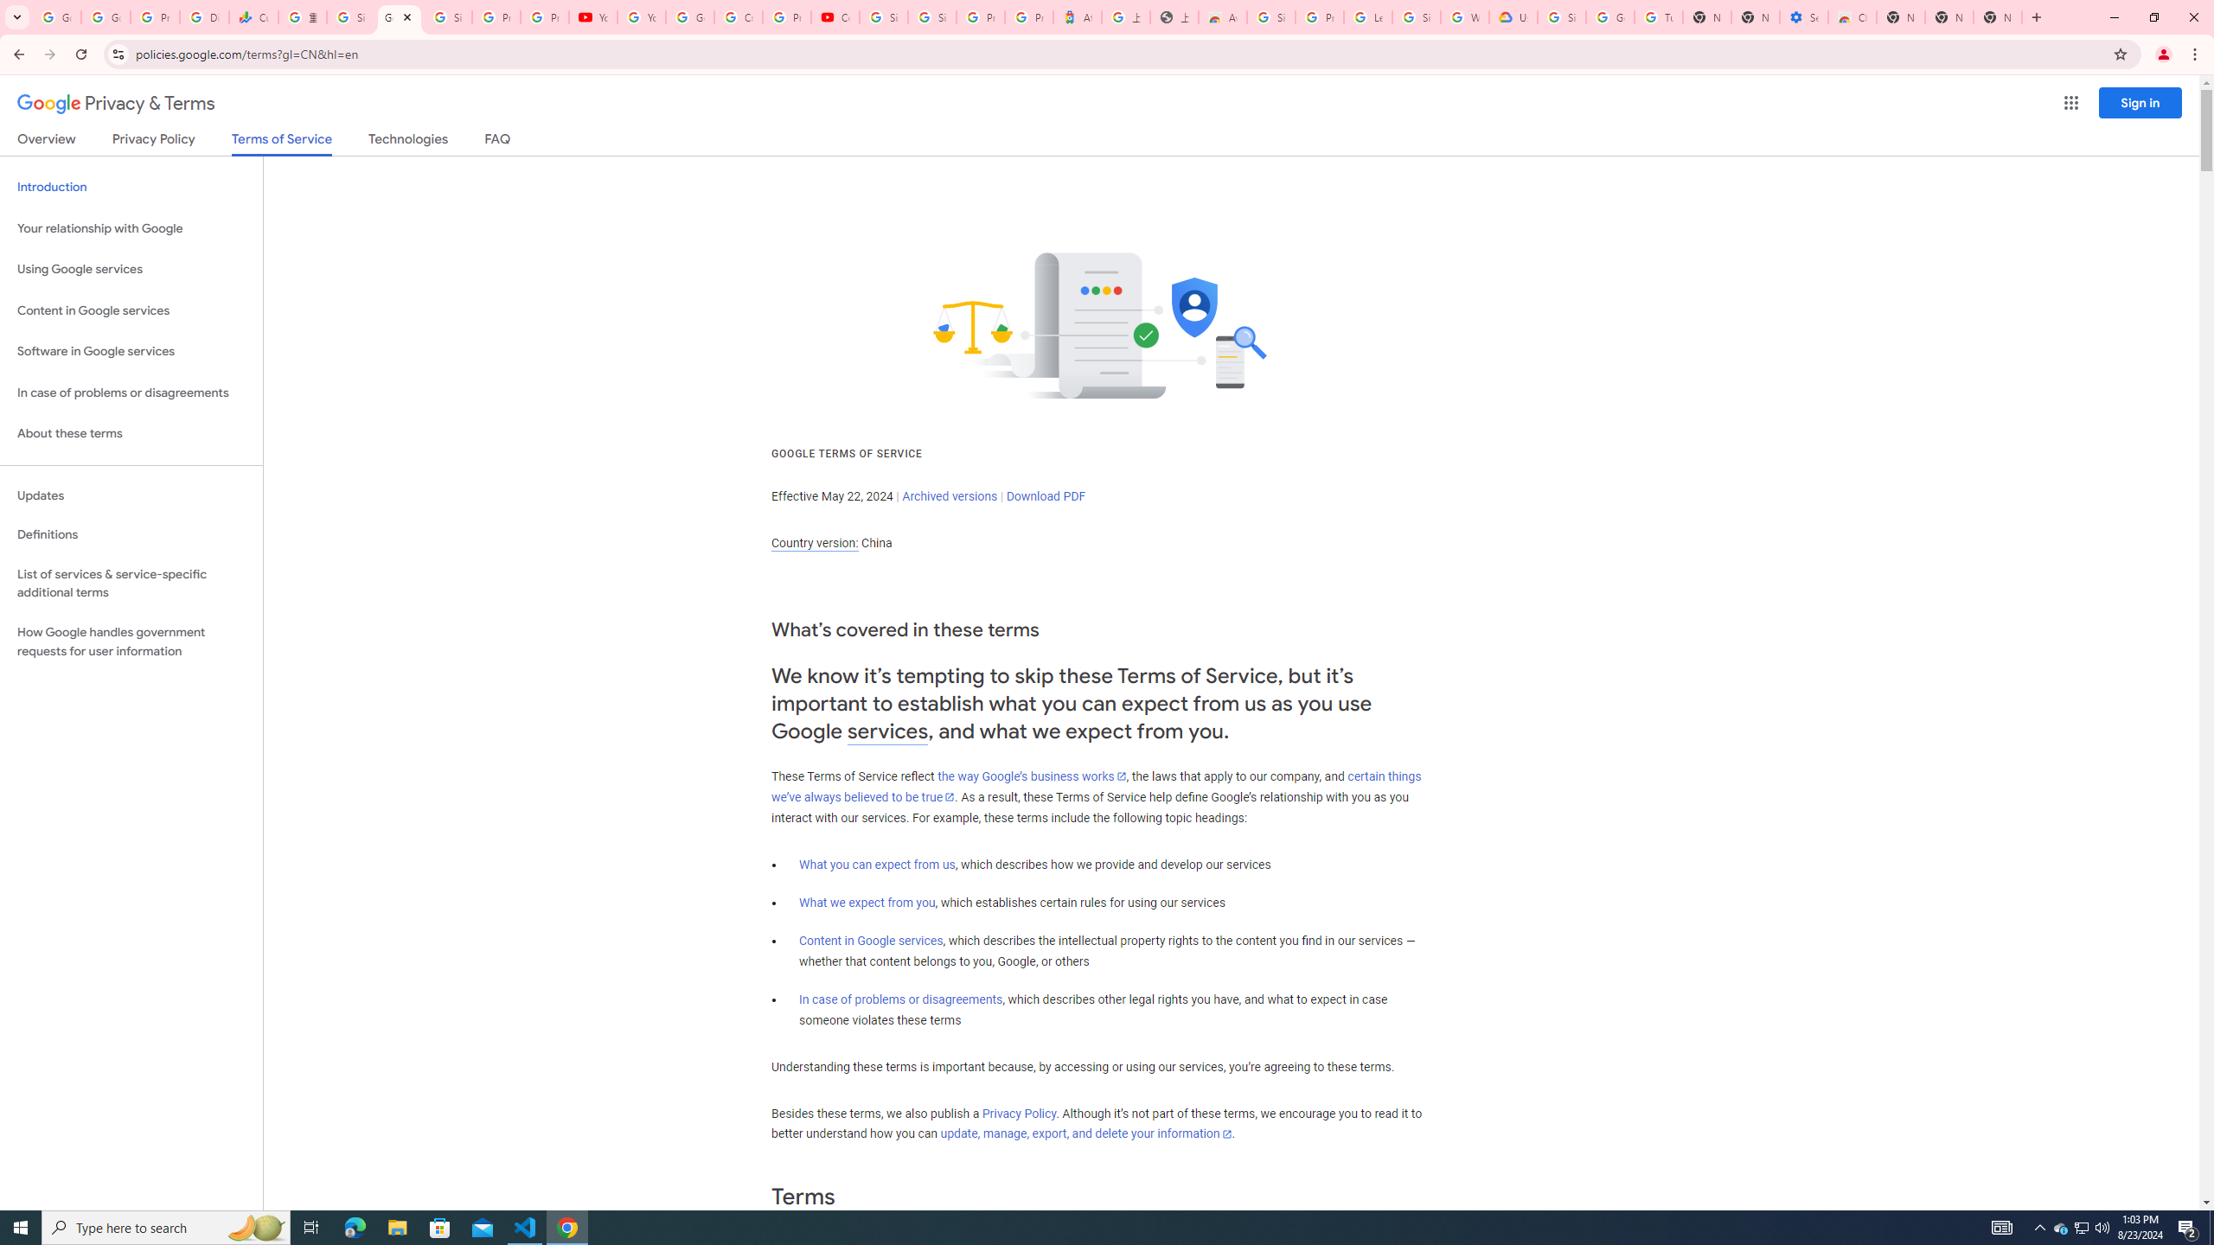 This screenshot has height=1245, width=2214. Describe the element at coordinates (349, 16) in the screenshot. I see `'Sign in - Google Accounts'` at that location.